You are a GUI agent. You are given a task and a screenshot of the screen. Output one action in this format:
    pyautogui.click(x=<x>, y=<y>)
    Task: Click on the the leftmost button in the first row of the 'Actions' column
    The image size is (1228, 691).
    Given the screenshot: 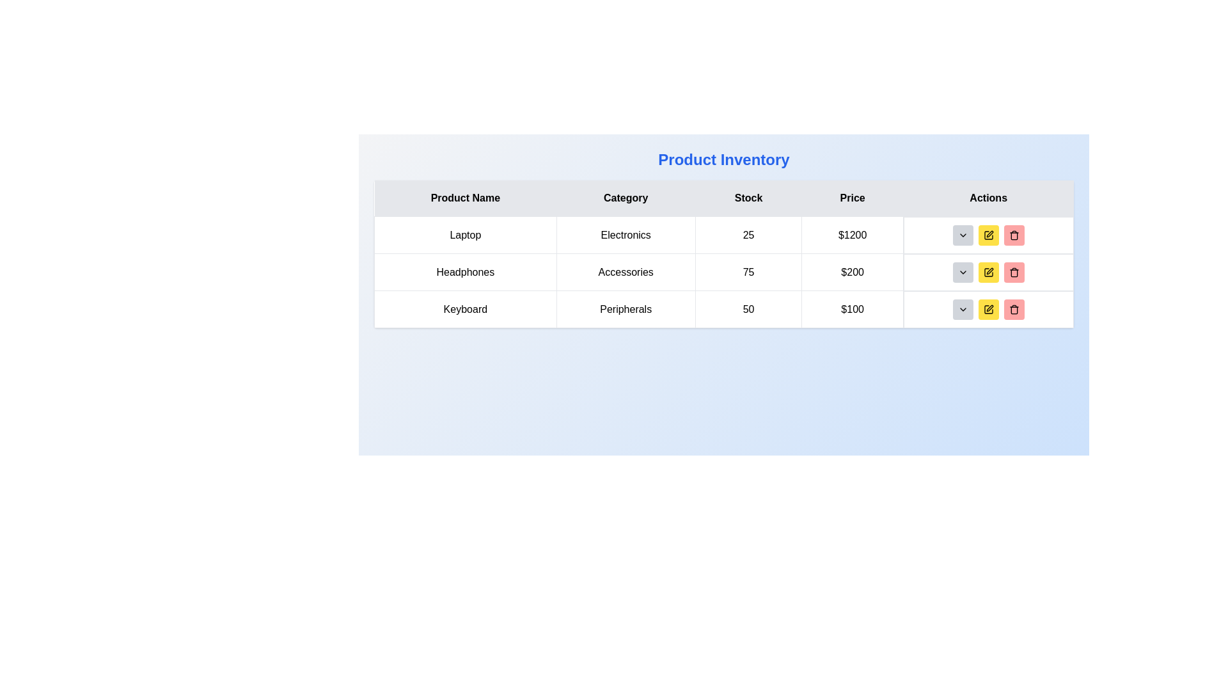 What is the action you would take?
    pyautogui.click(x=963, y=235)
    